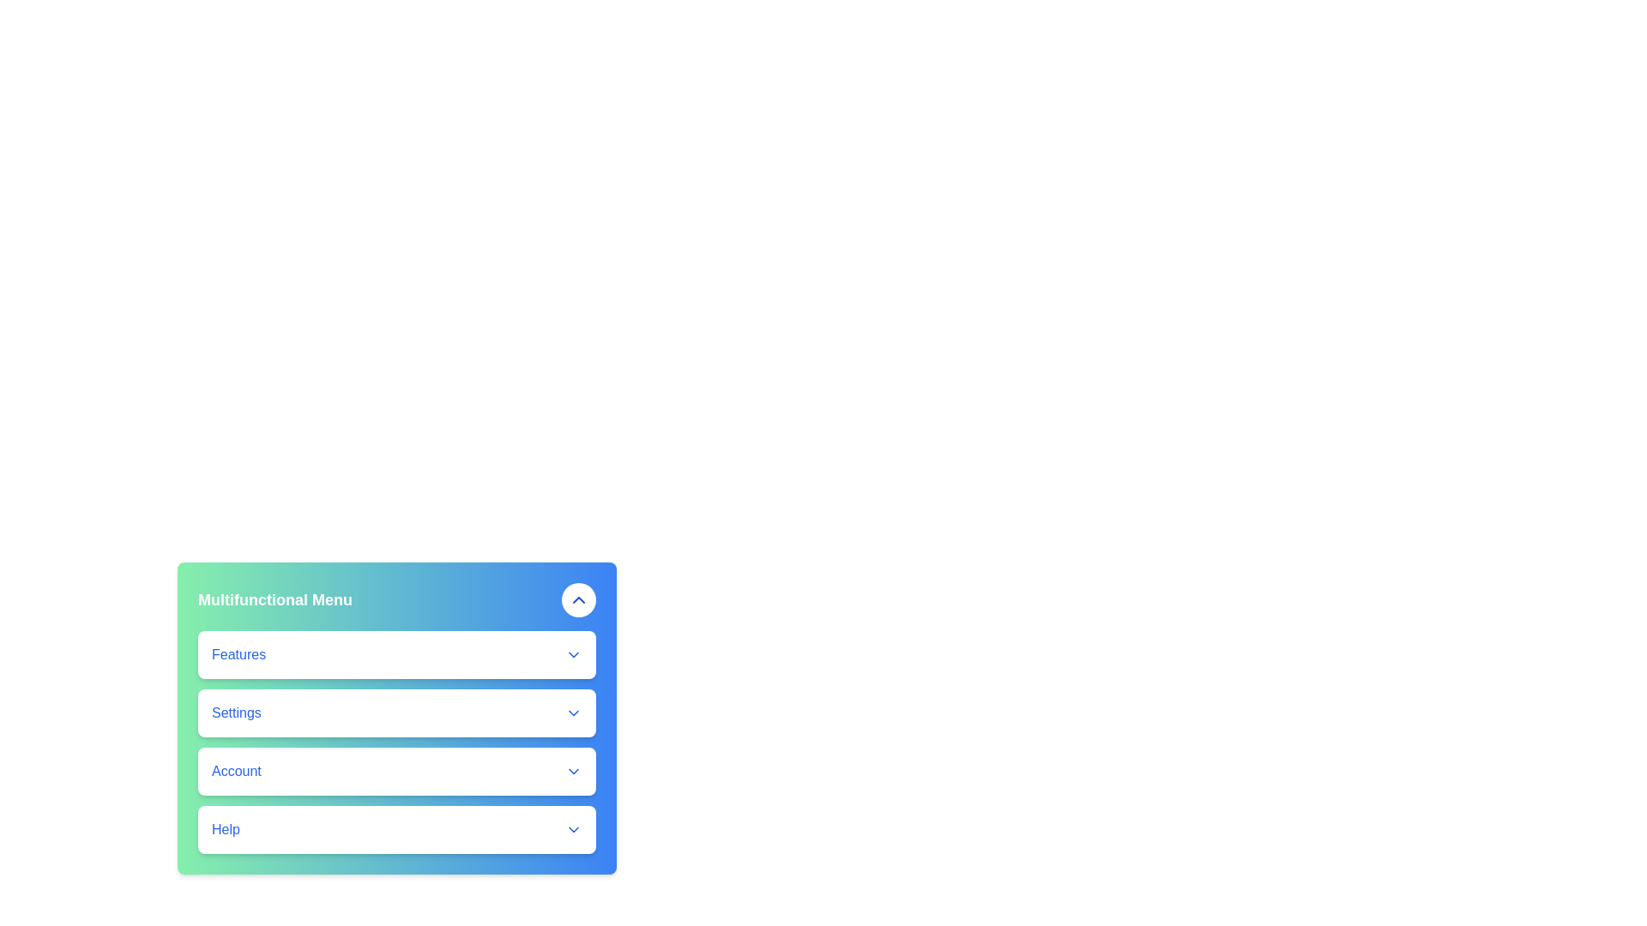 This screenshot has width=1647, height=926. I want to click on the dropdown icon for the 'Settings' menu item located on the right side of the 'Settings' row, so click(573, 713).